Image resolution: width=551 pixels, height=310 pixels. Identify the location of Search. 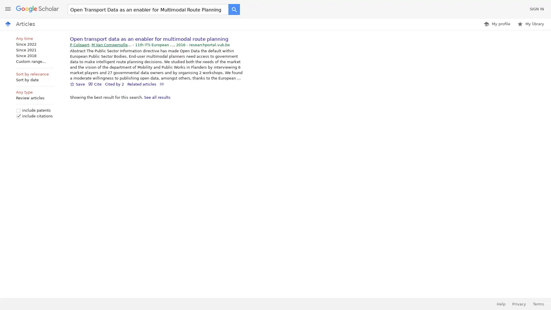
(234, 9).